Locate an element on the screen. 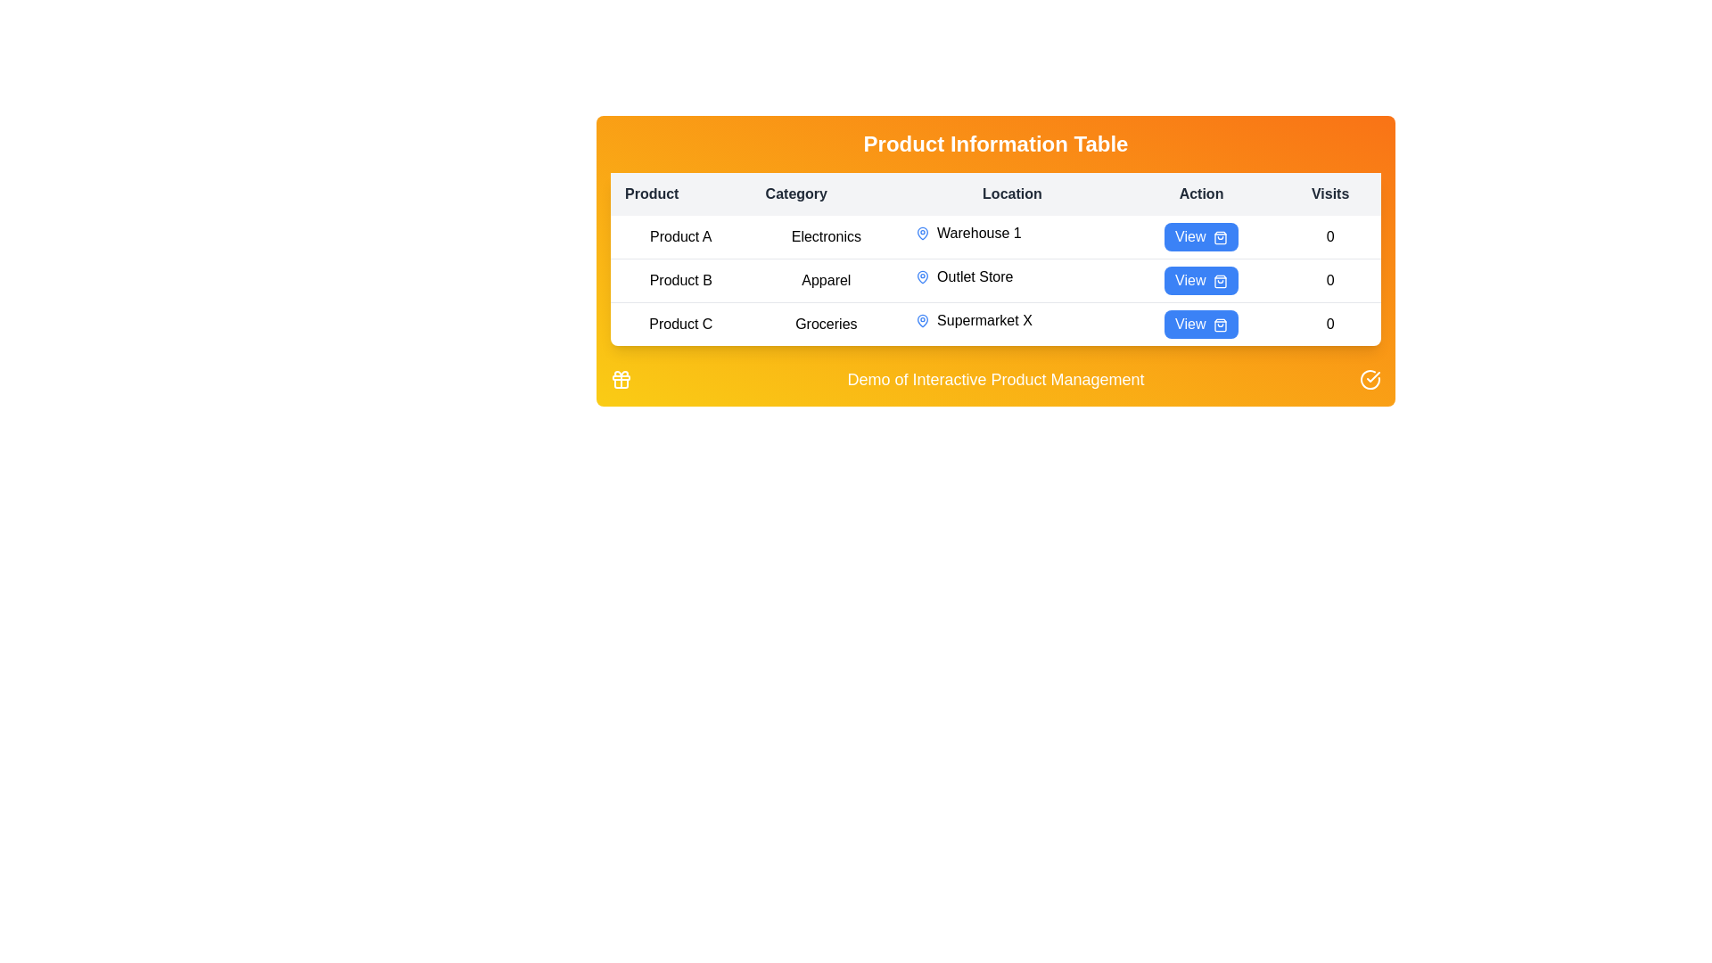  the 'Visits' label, which is the fifth column header in the table, displayed in bold font on a light gray background is located at coordinates (1330, 194).